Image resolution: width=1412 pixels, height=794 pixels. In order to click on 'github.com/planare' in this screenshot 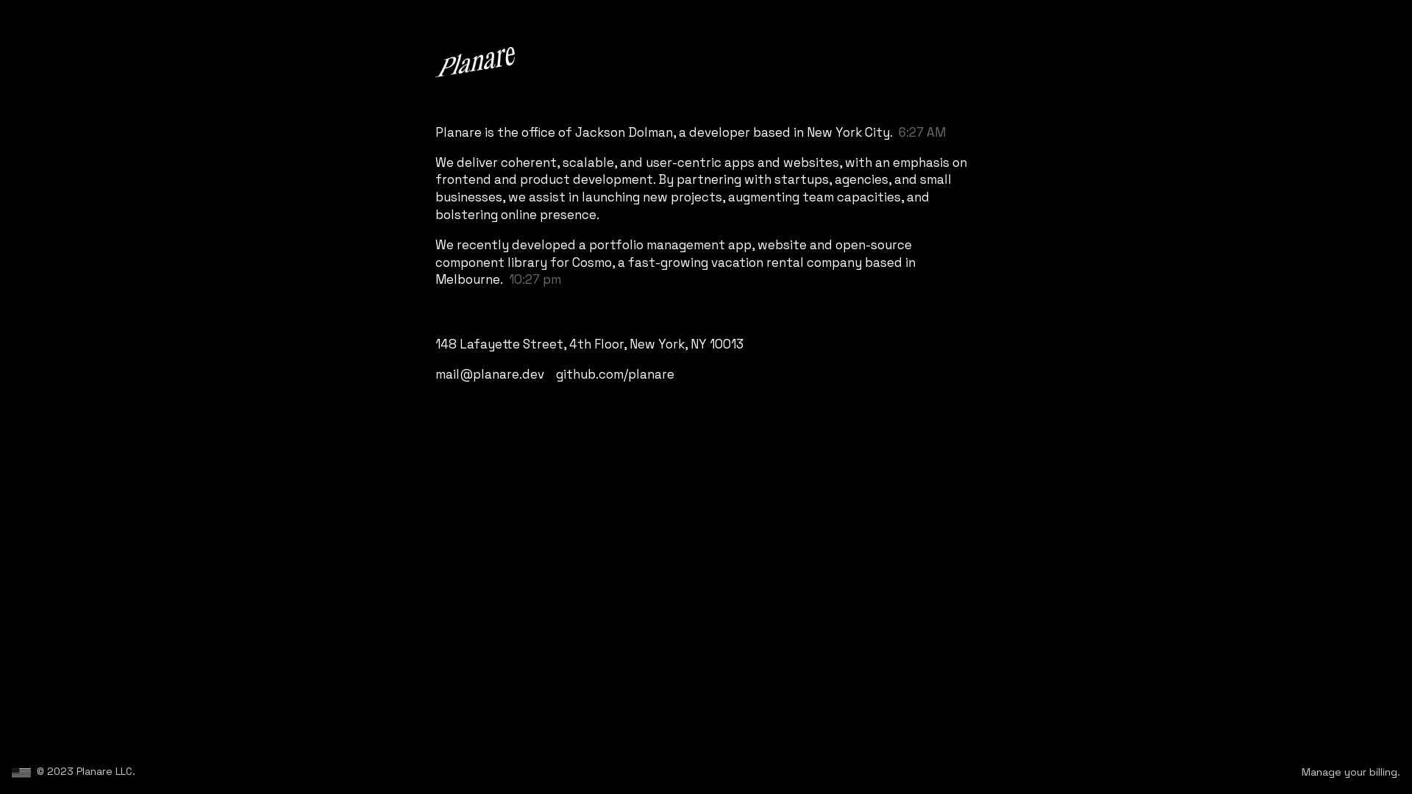, I will do `click(615, 373)`.